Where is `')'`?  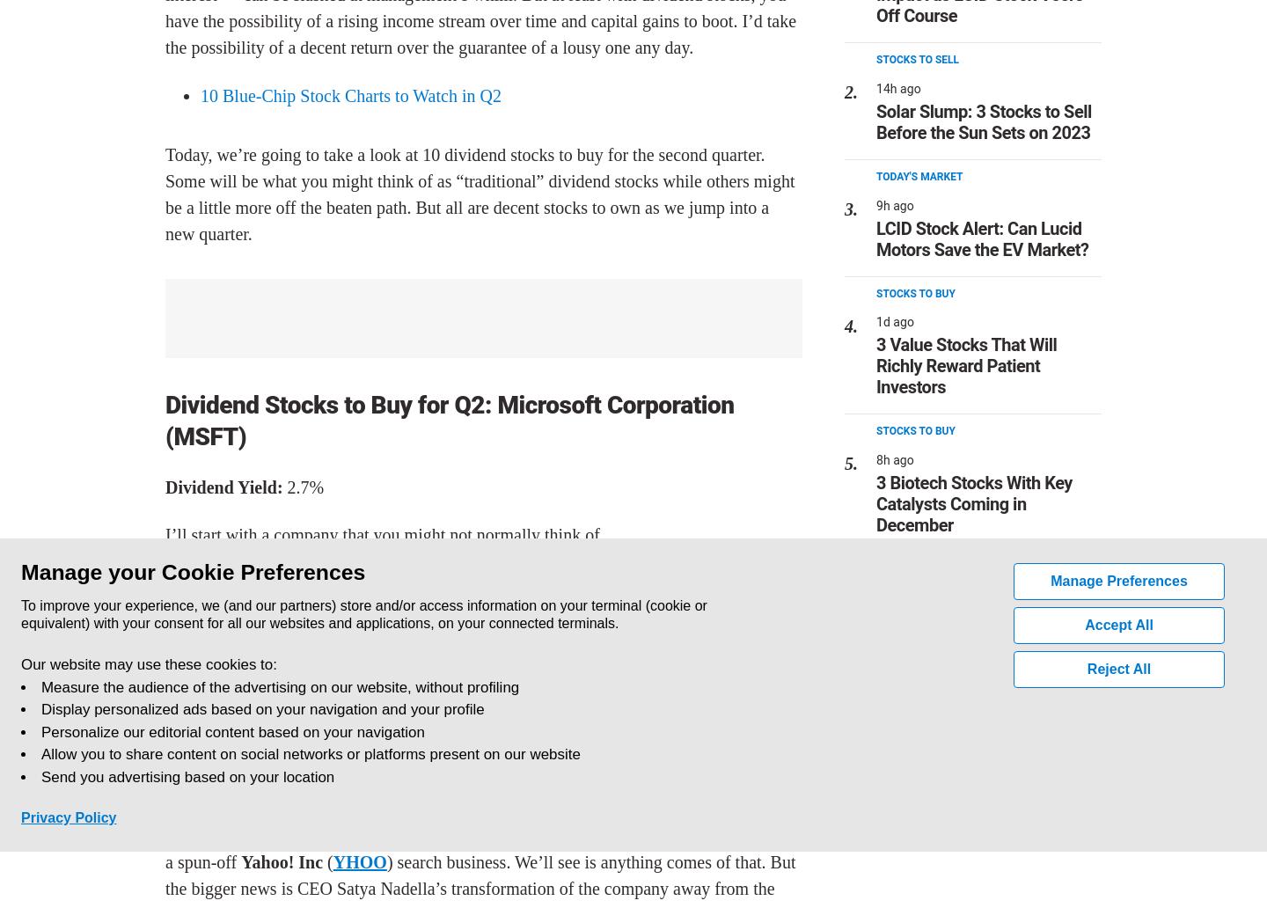 ')' is located at coordinates (389, 860).